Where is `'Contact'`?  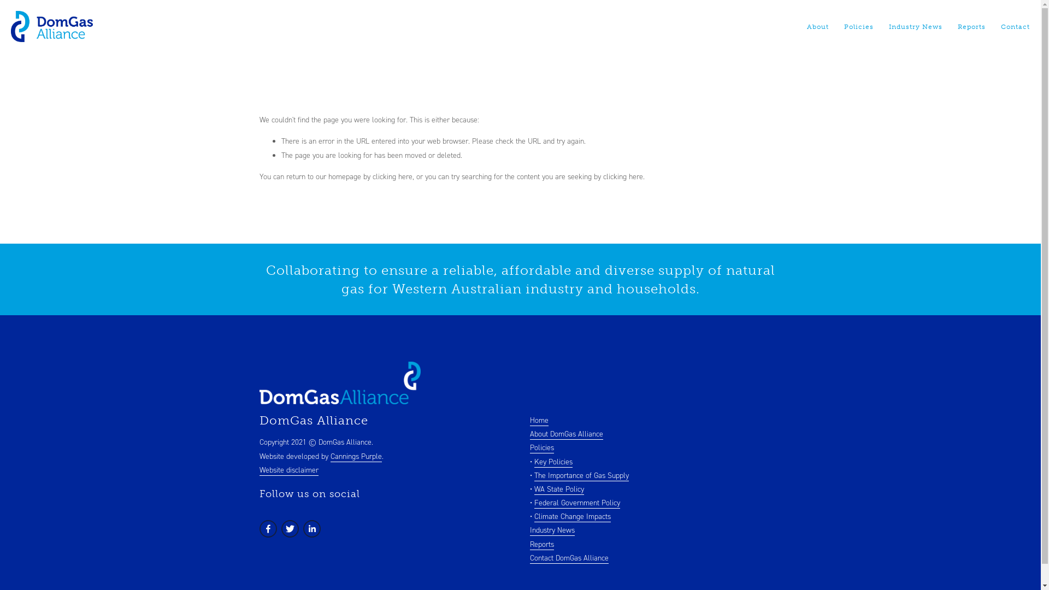
'Contact' is located at coordinates (1011, 26).